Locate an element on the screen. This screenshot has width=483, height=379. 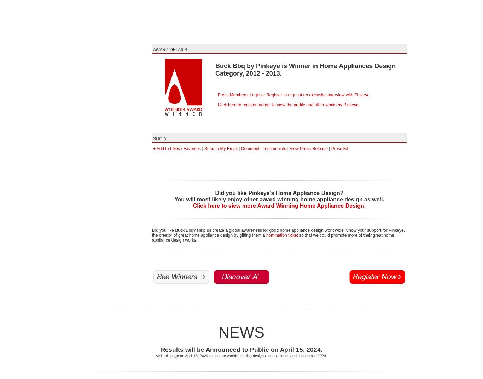
'Did you like Pinkeye's Home Appliance Design?' is located at coordinates (279, 193).